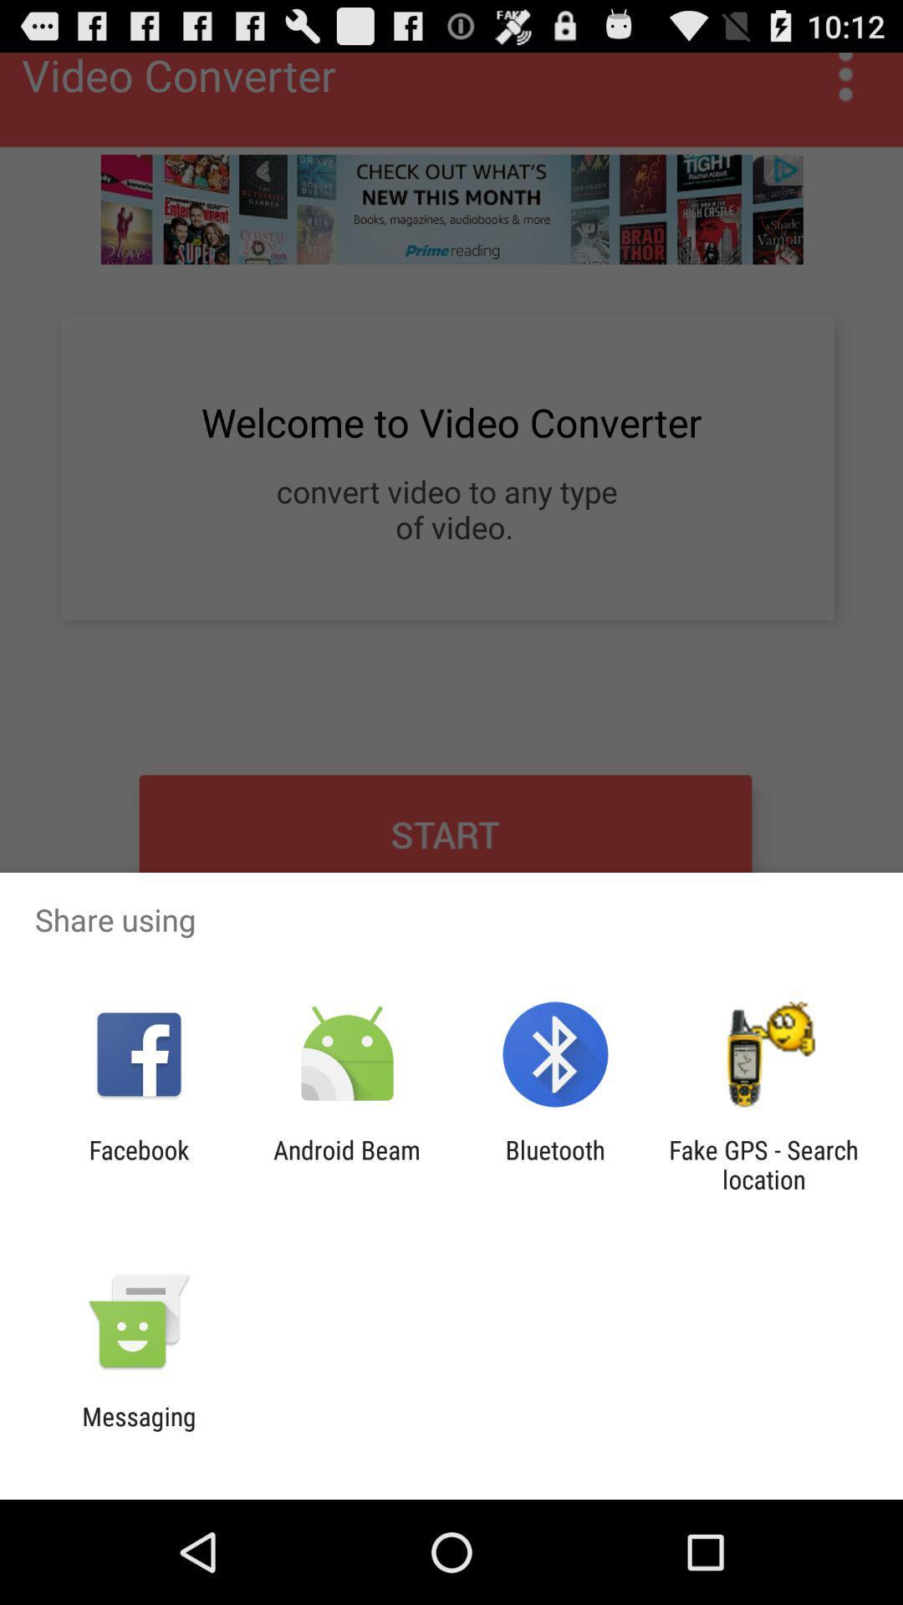  I want to click on icon next to the bluetooth, so click(763, 1164).